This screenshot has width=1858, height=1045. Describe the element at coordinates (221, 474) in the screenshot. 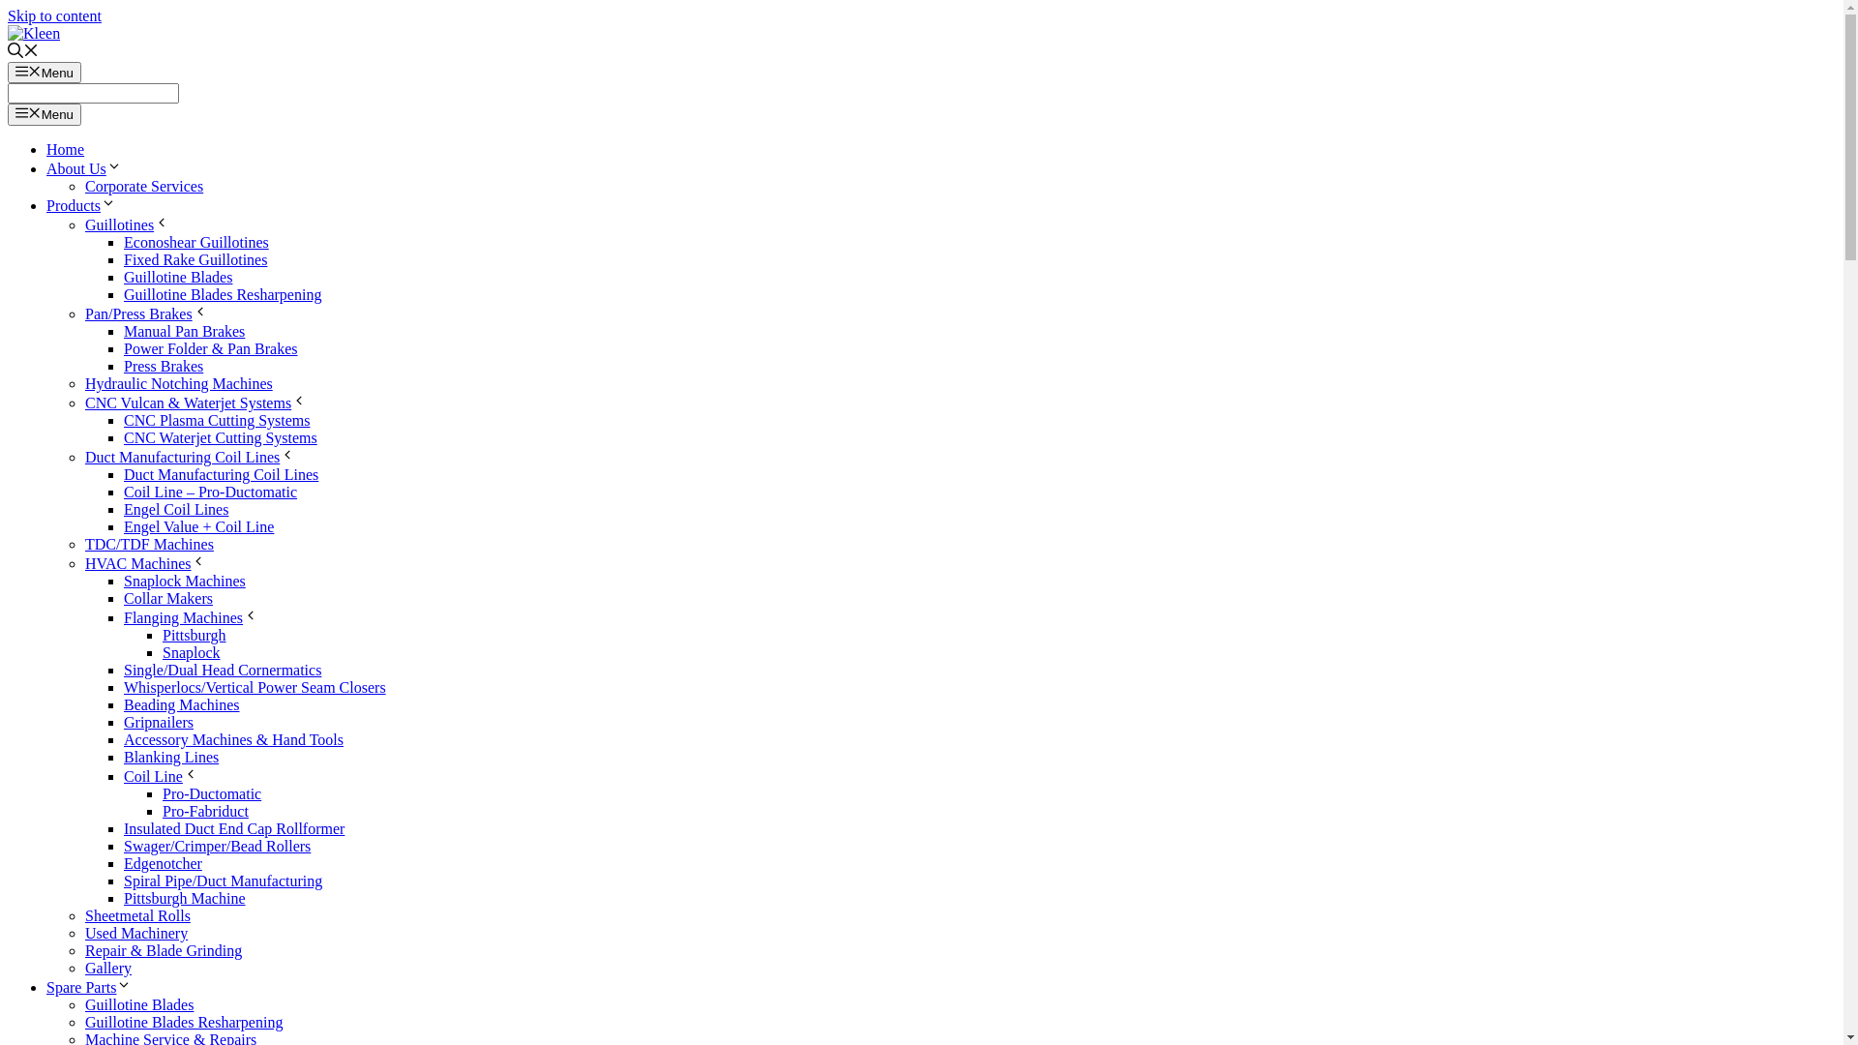

I see `'Duct Manufacturing Coil Lines'` at that location.